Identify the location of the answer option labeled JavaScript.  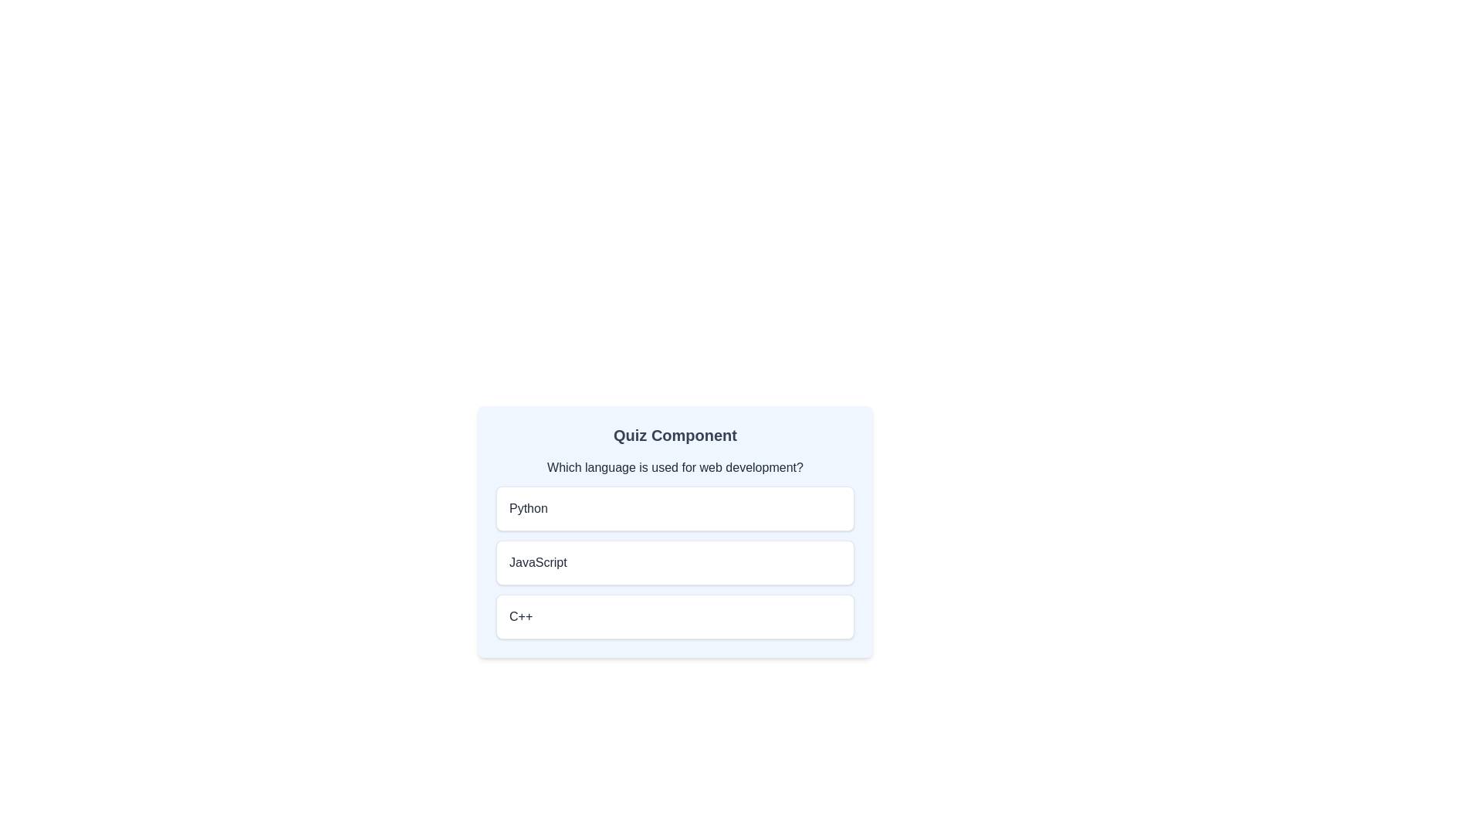
(675, 563).